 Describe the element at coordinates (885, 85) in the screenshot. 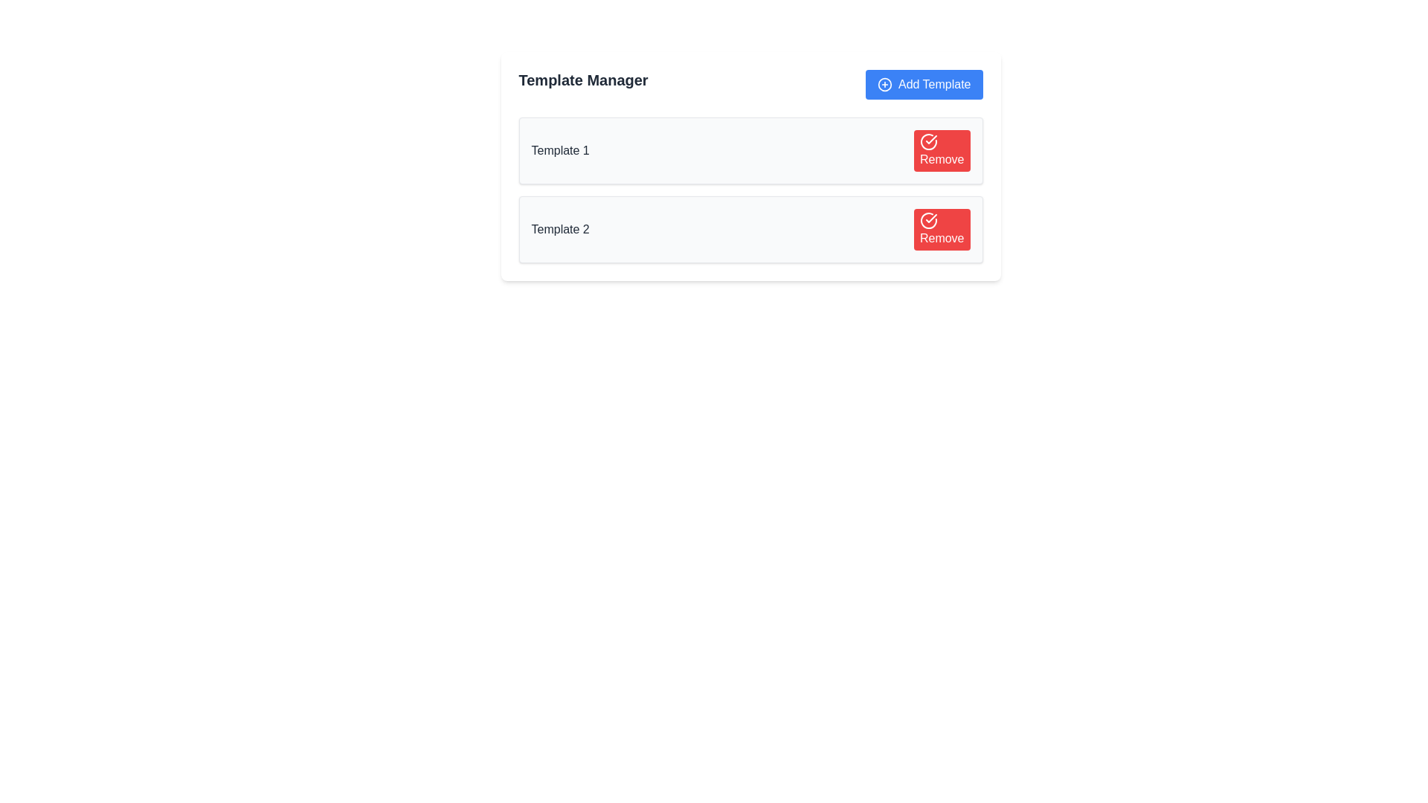

I see `the circular '+' icon with a blue outline located to the left of the 'Add Template' button` at that location.